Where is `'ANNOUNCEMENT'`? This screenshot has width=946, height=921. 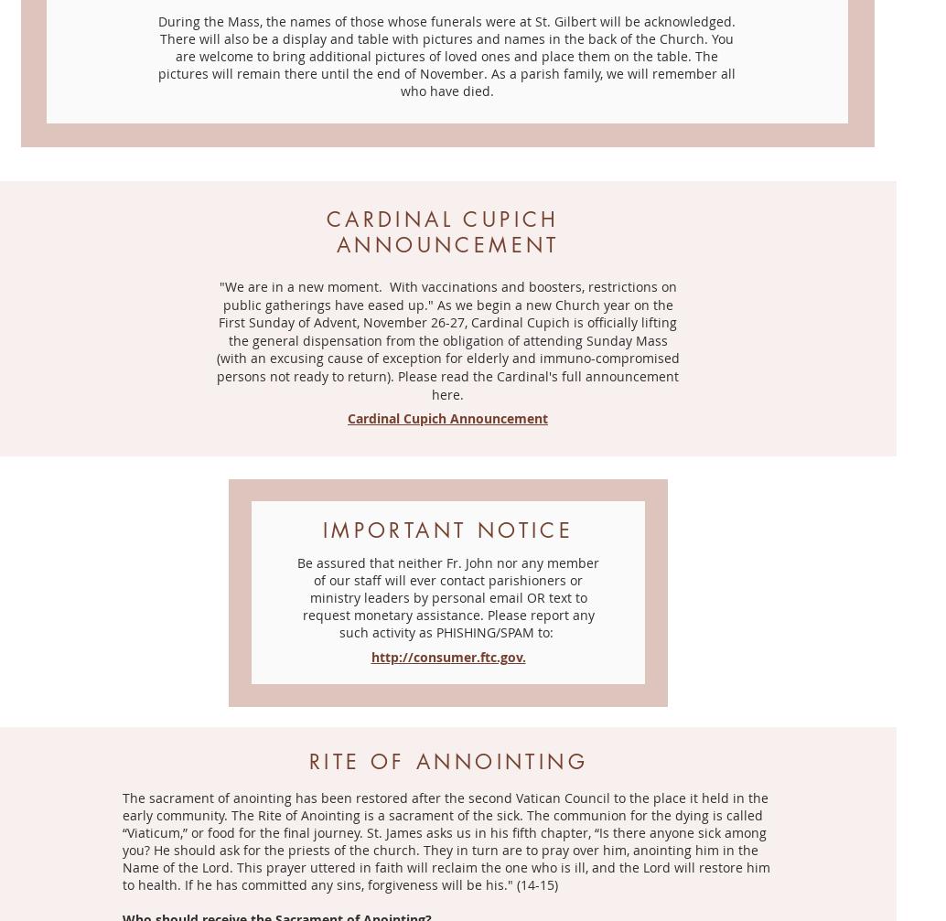 'ANNOUNCEMENT' is located at coordinates (446, 244).